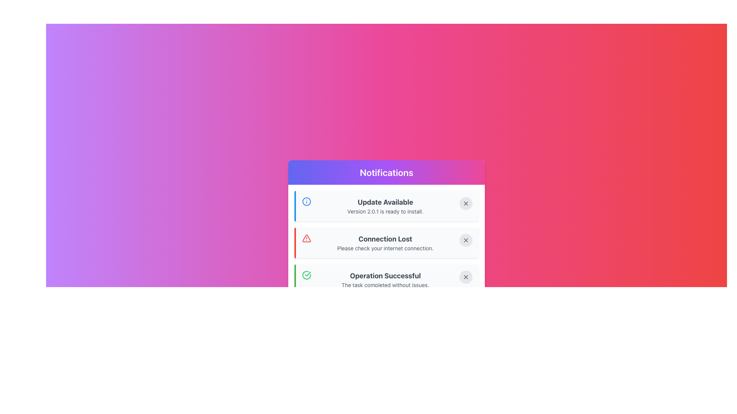 The height and width of the screenshot is (414, 737). What do you see at coordinates (387, 172) in the screenshot?
I see `header text of the notification interface, positioned at the top of the notification card and centered horizontally` at bounding box center [387, 172].